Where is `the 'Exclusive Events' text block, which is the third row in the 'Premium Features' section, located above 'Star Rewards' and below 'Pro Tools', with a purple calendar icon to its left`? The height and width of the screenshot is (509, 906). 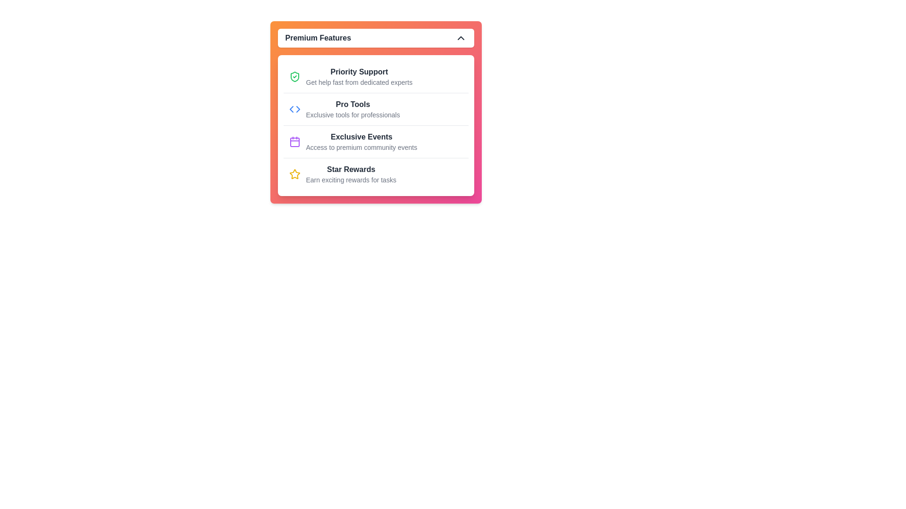
the 'Exclusive Events' text block, which is the third row in the 'Premium Features' section, located above 'Star Rewards' and below 'Pro Tools', with a purple calendar icon to its left is located at coordinates (361, 141).